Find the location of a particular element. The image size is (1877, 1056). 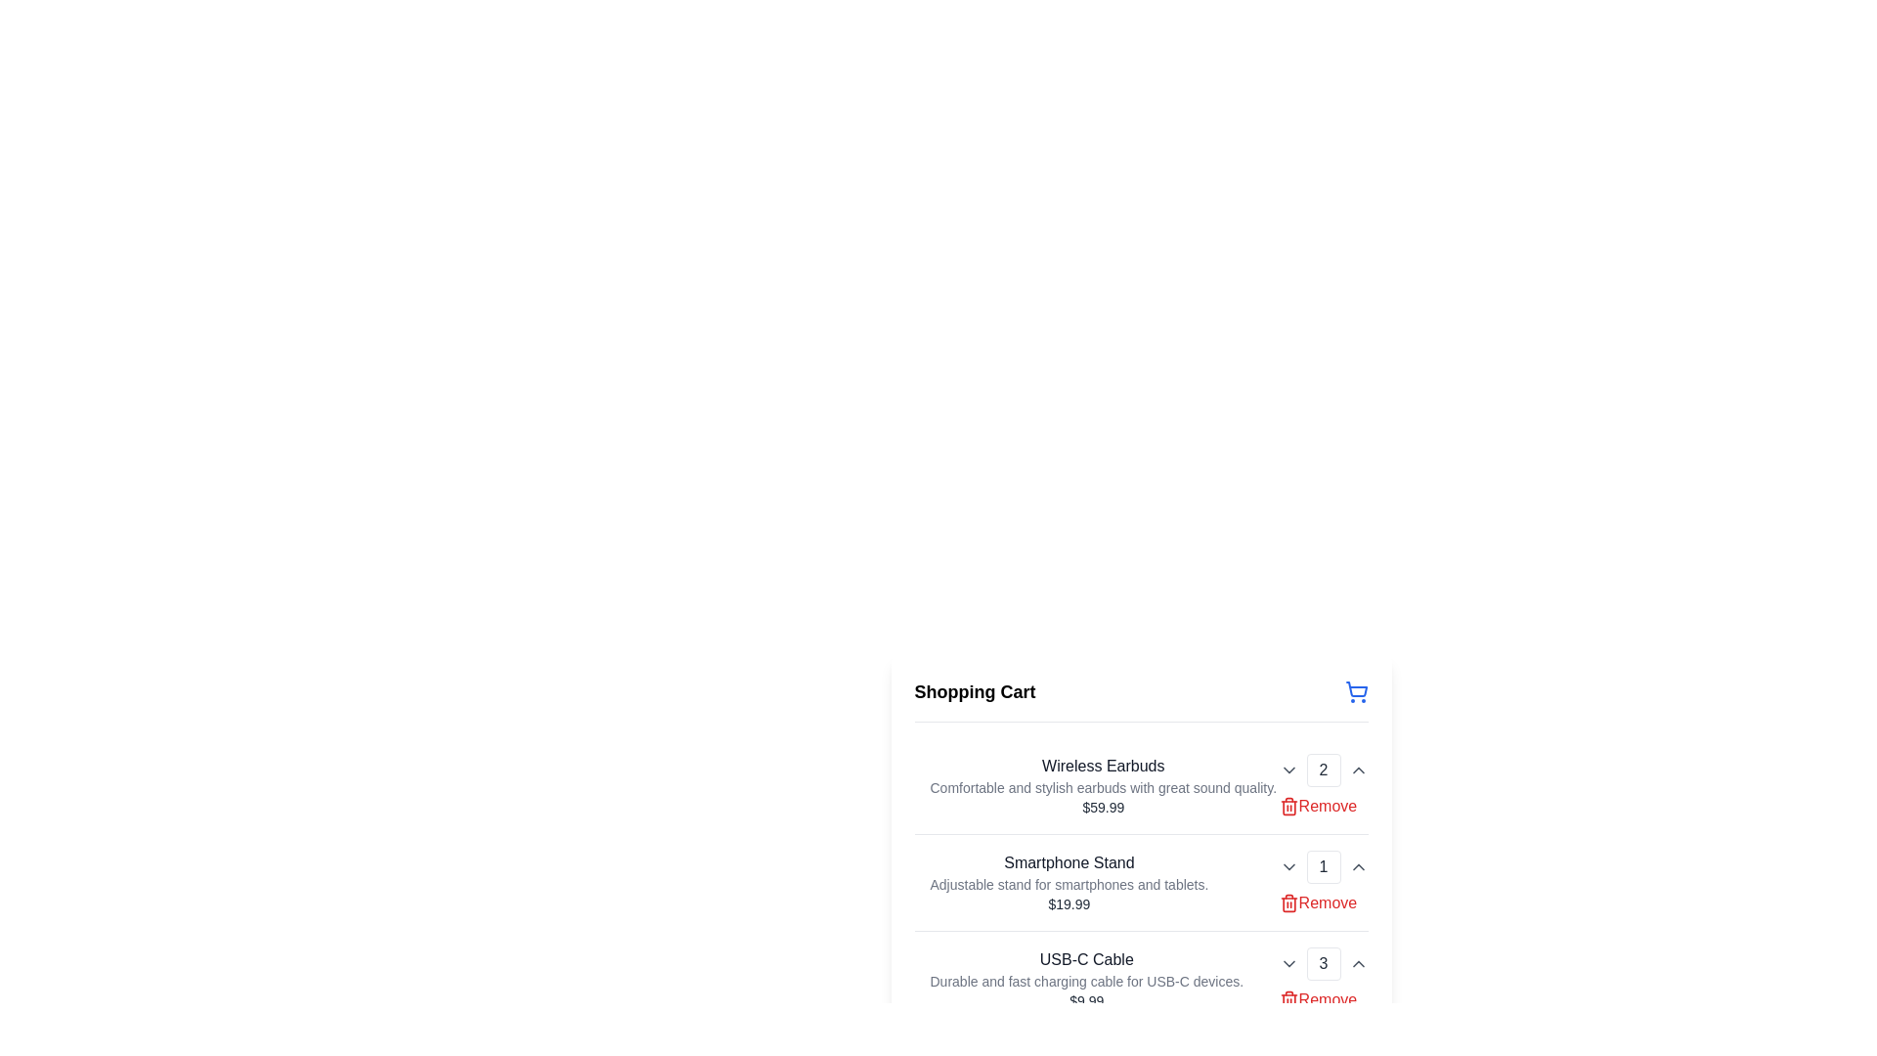

the main body of the trash can icon located to the right of the 'Remove' label in the shopping cart interface is located at coordinates (1288, 1001).